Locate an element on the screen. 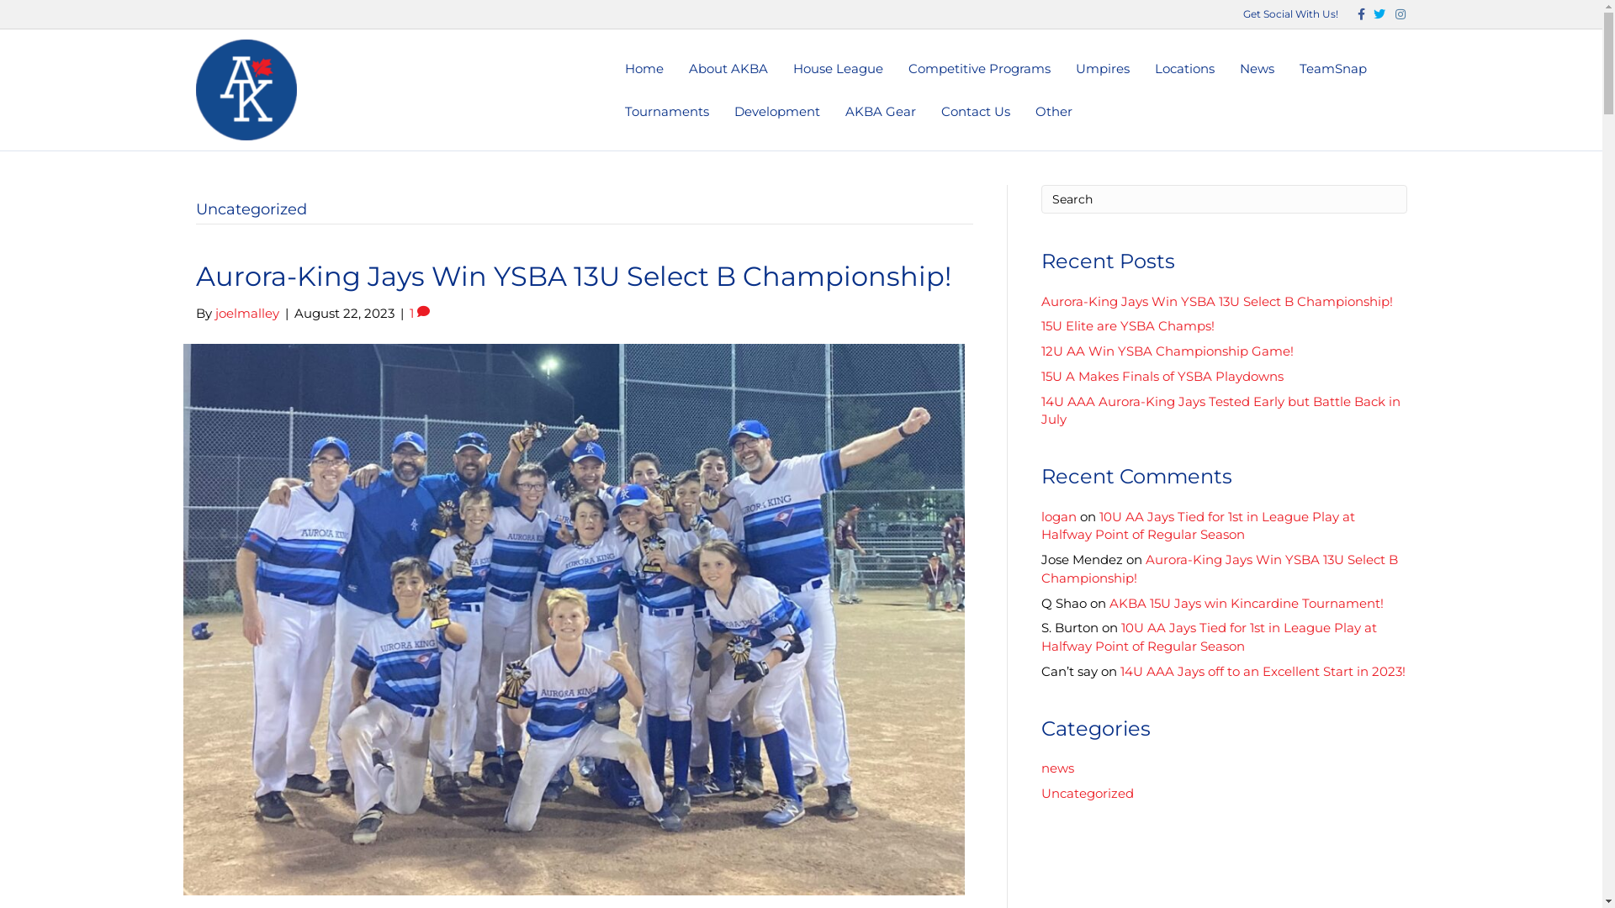 The width and height of the screenshot is (1615, 908). 'News' is located at coordinates (1256, 67).